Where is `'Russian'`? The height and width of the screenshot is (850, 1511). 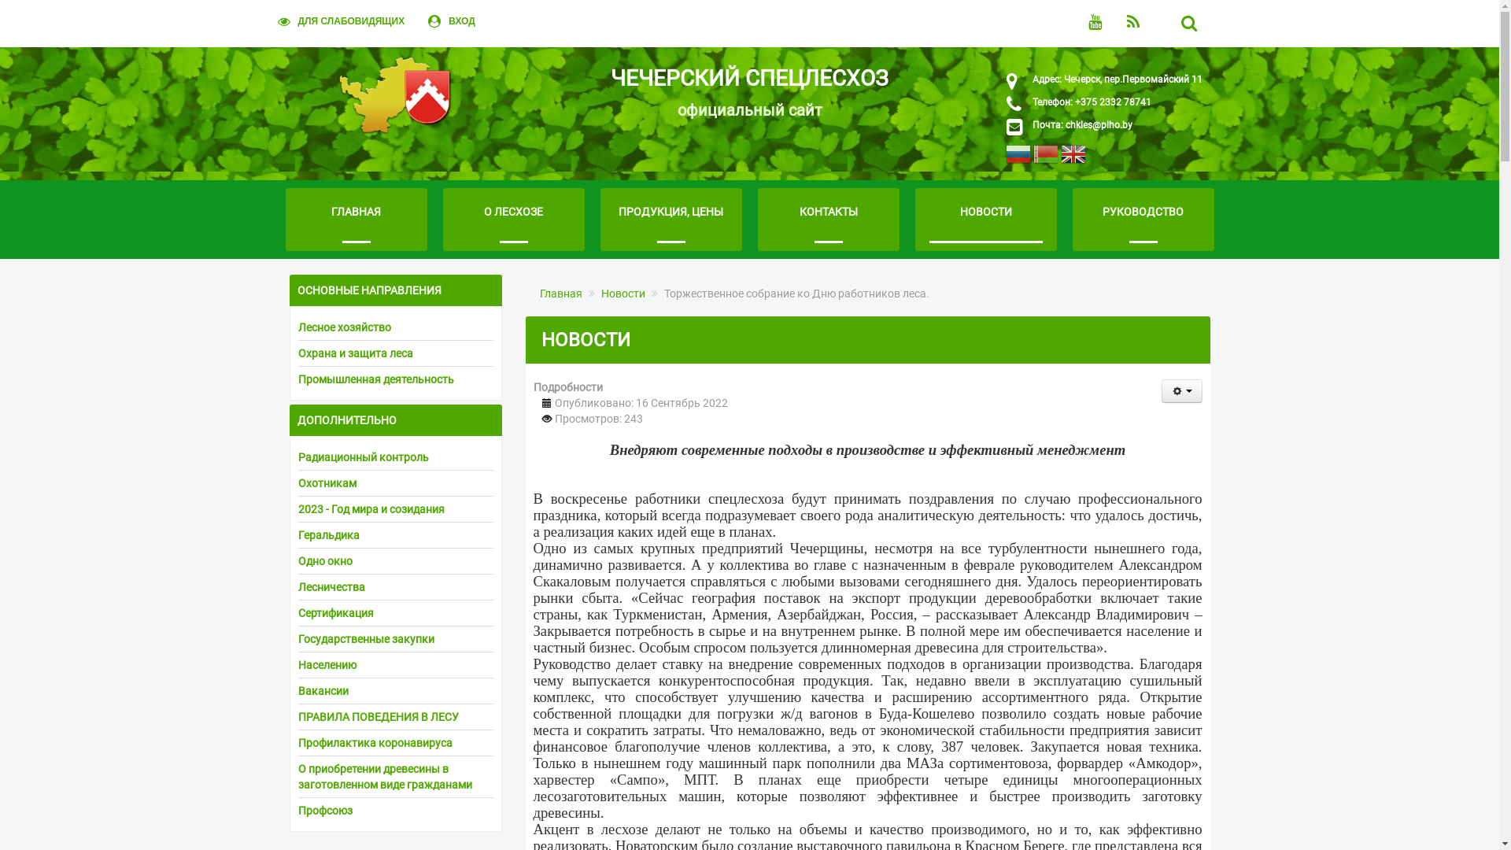 'Russian' is located at coordinates (1018, 157).